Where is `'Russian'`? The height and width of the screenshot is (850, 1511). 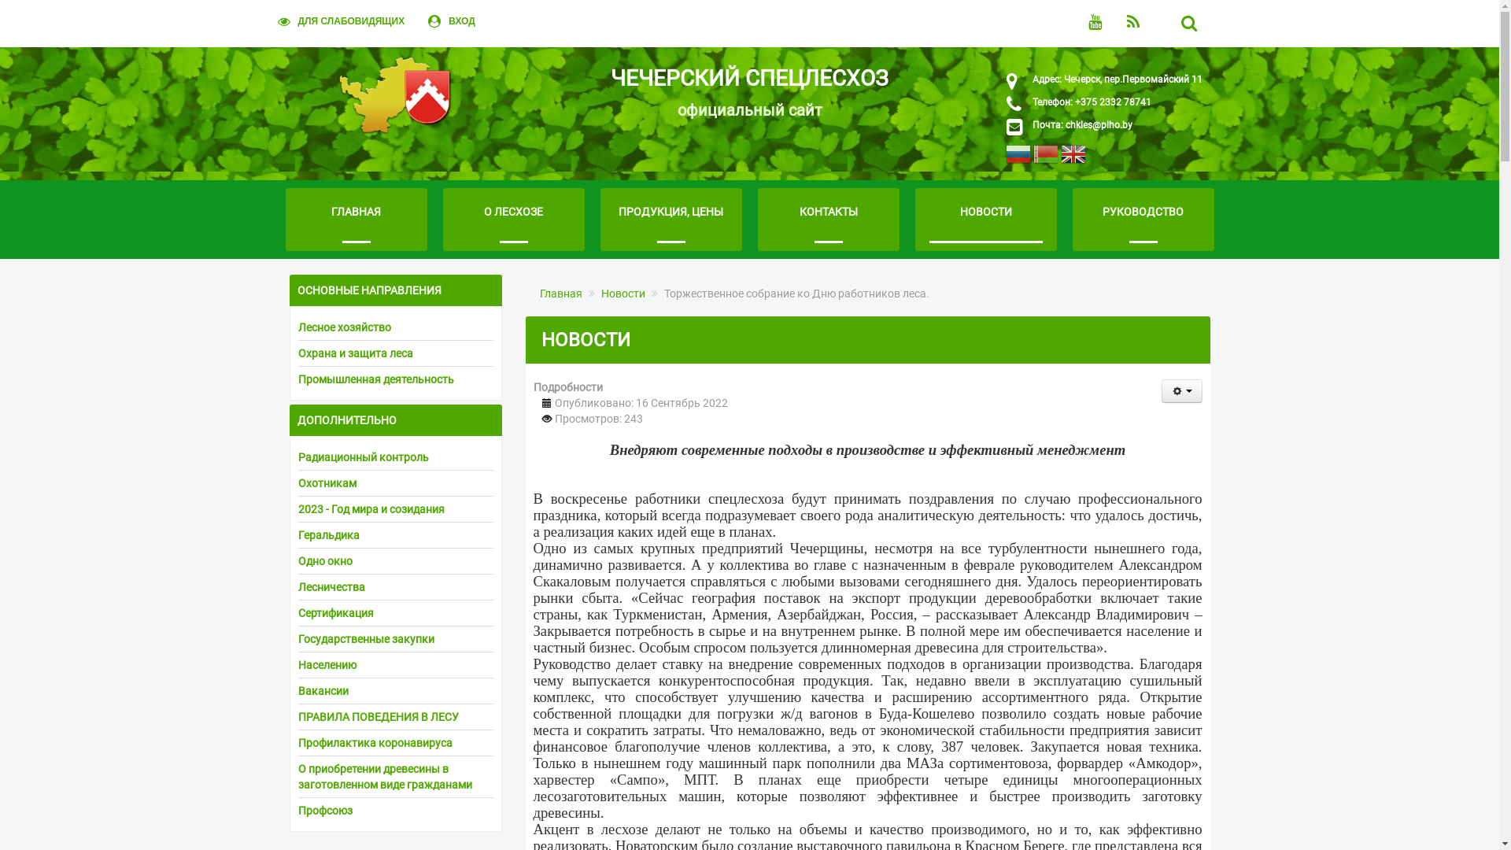 'Russian' is located at coordinates (1018, 157).